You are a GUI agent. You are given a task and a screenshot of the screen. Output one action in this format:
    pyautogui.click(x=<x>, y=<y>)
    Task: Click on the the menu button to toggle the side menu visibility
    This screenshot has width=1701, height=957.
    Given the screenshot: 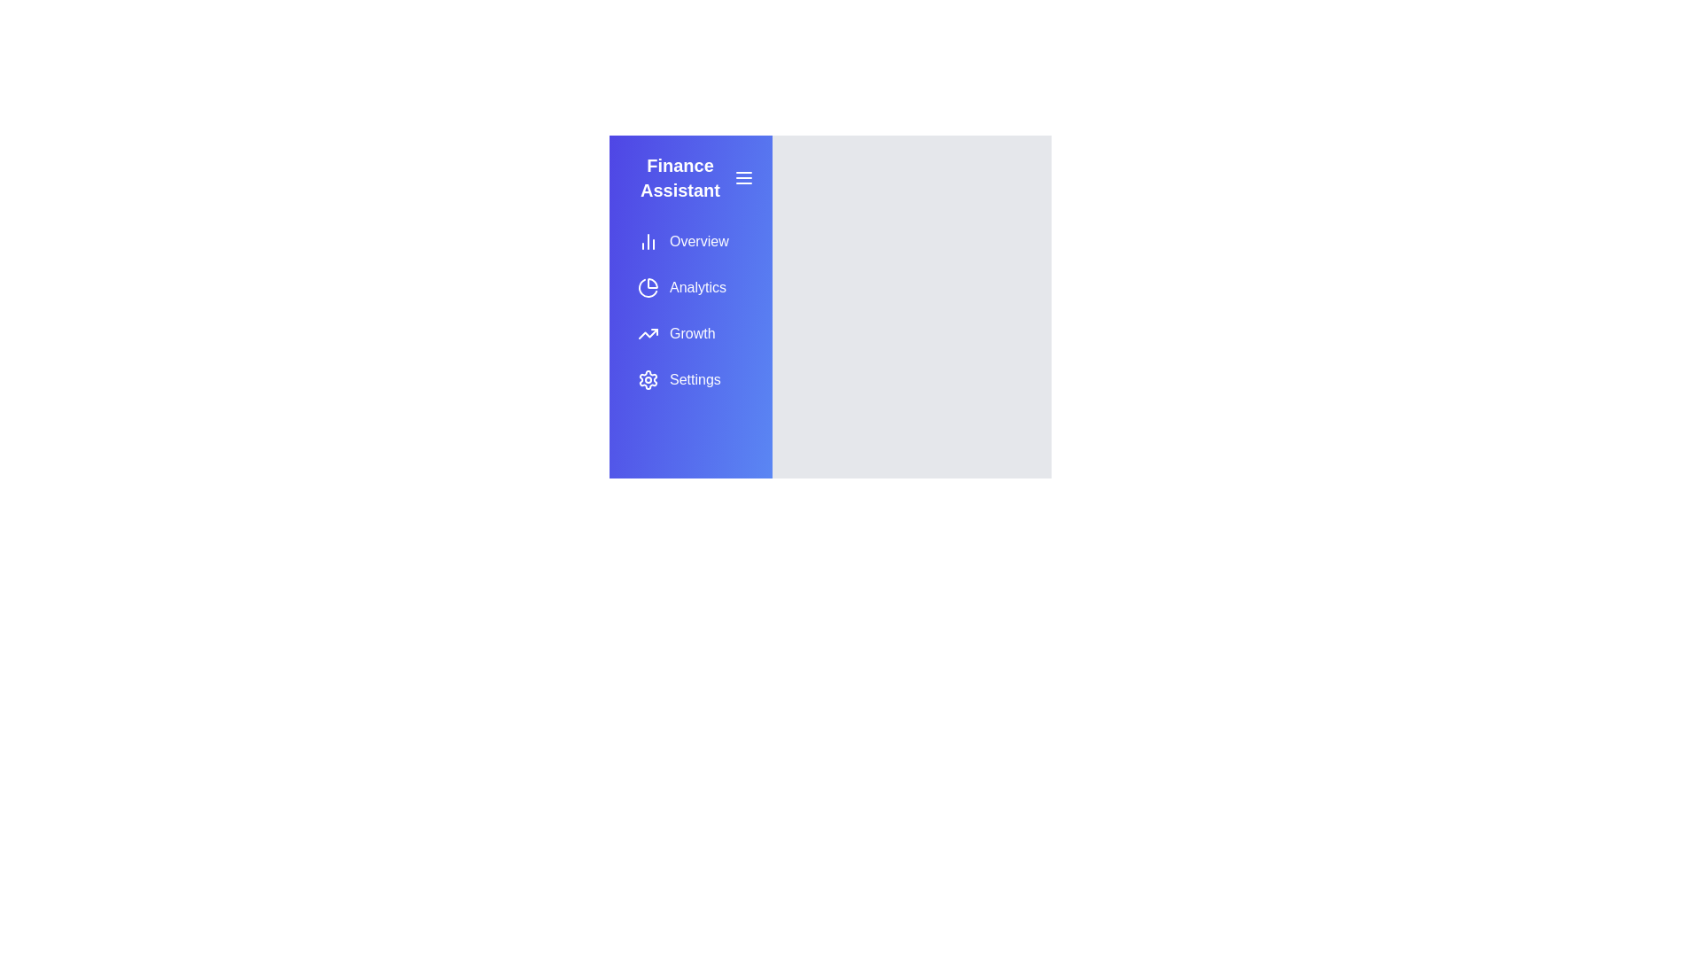 What is the action you would take?
    pyautogui.click(x=744, y=177)
    